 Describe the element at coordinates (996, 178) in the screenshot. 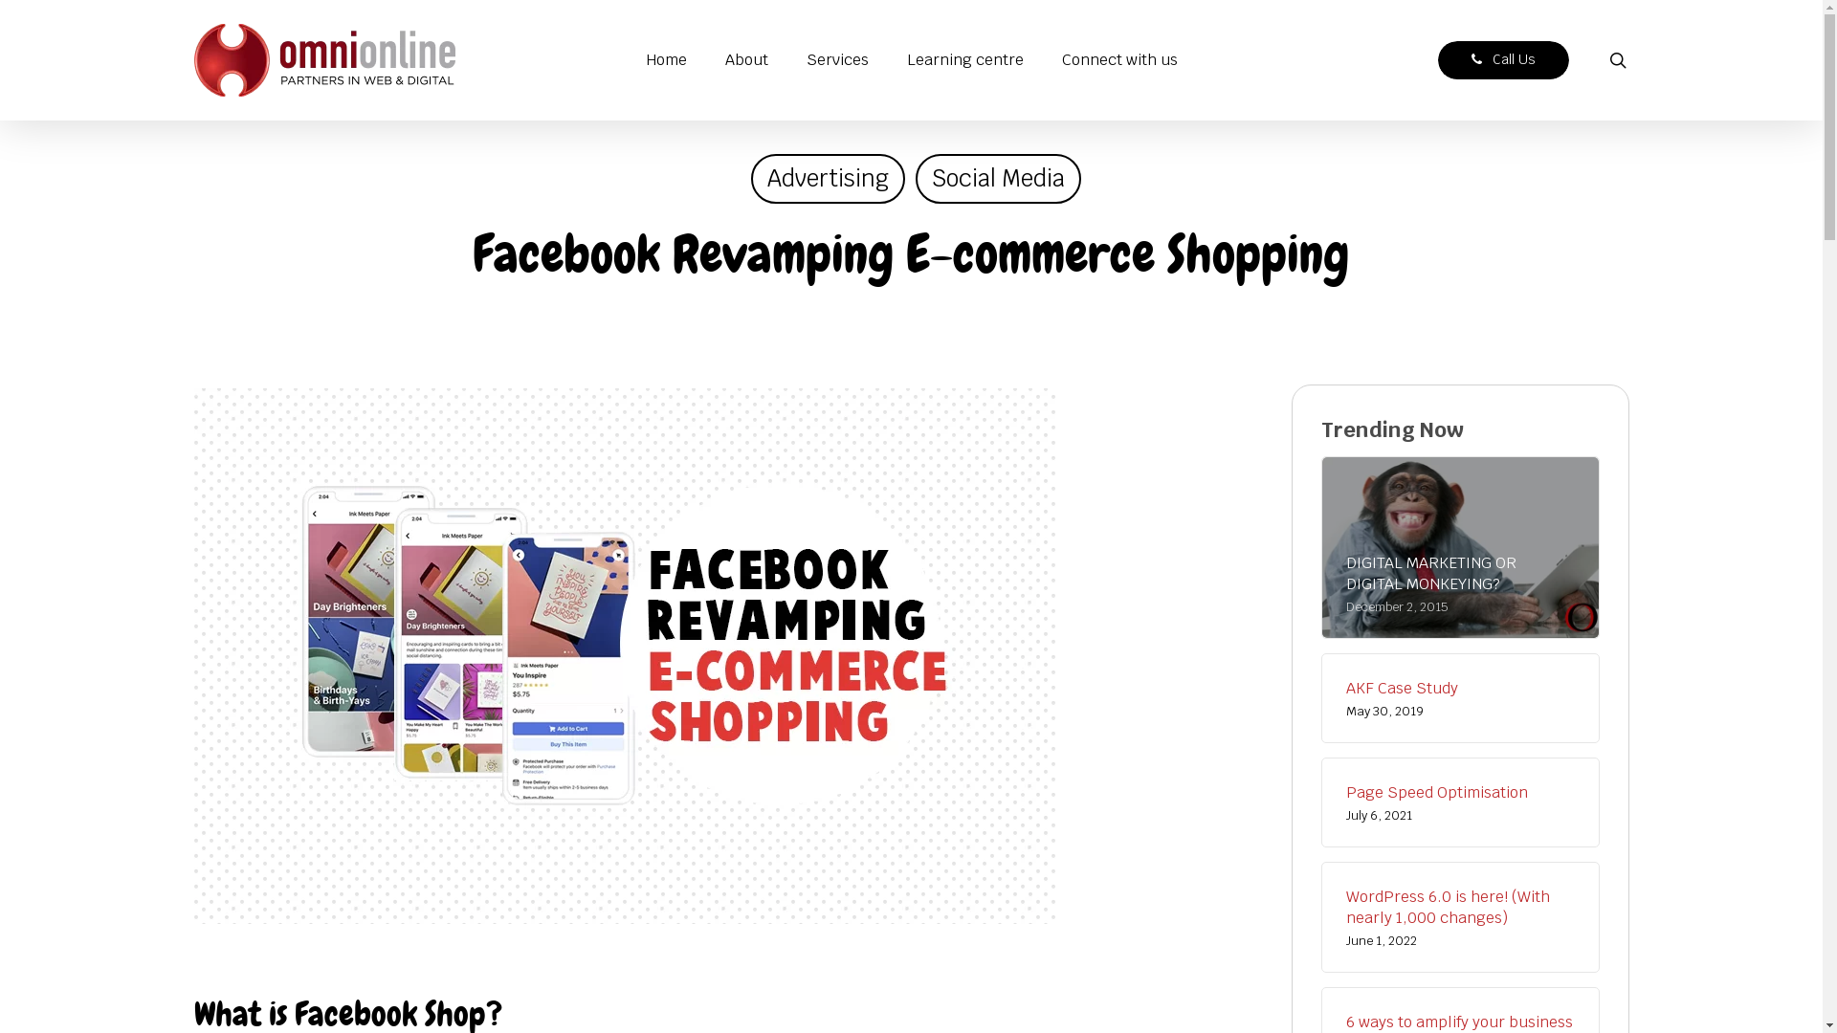

I see `'Social Media'` at that location.